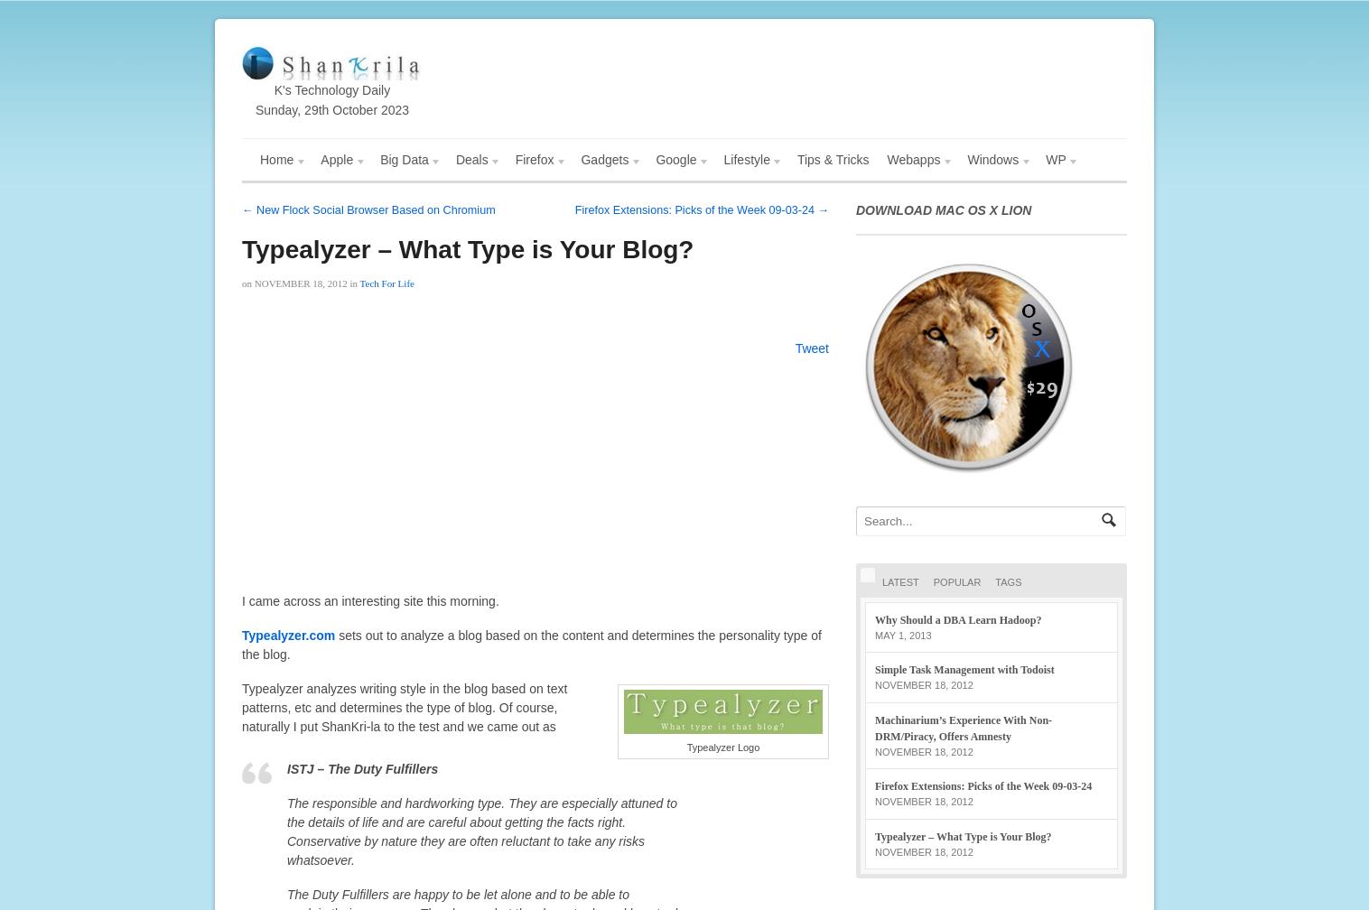 This screenshot has width=1369, height=910. What do you see at coordinates (675, 160) in the screenshot?
I see `'Google'` at bounding box center [675, 160].